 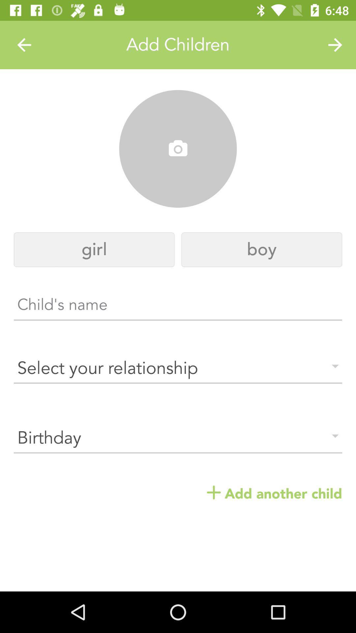 I want to click on the option boy, so click(x=261, y=249).